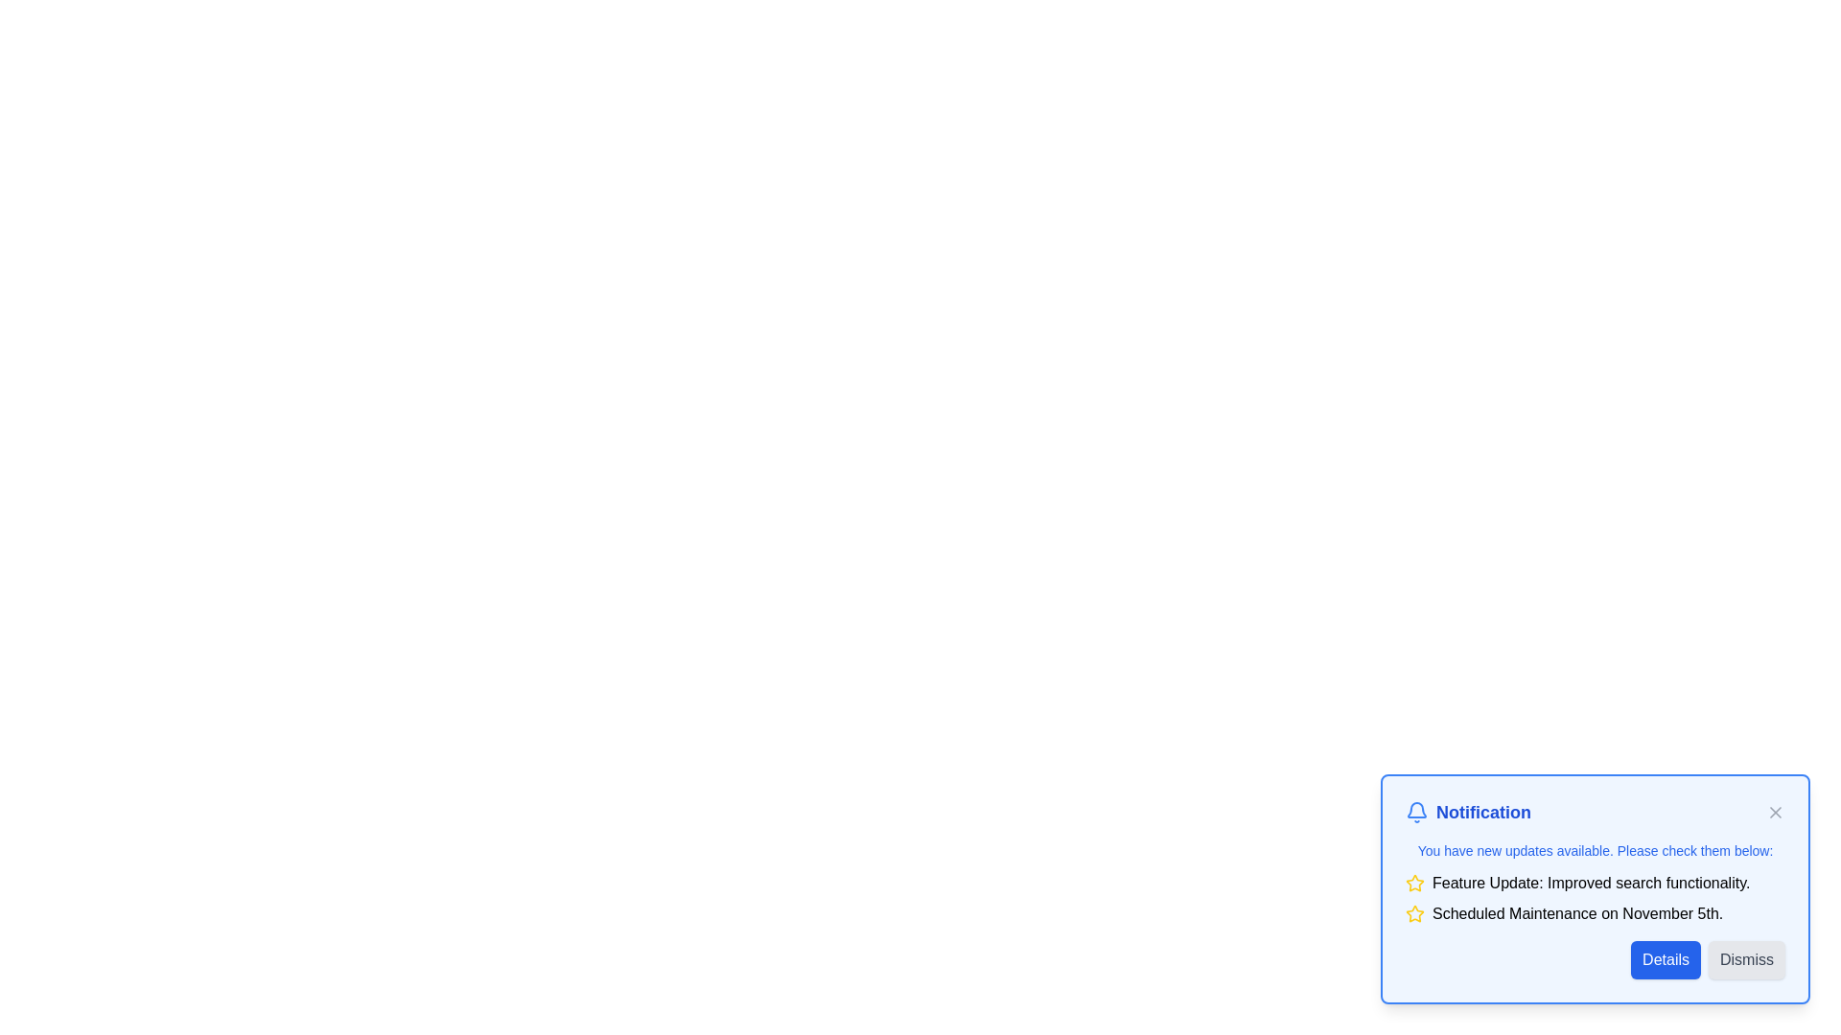 Image resolution: width=1841 pixels, height=1035 pixels. Describe the element at coordinates (1665, 960) in the screenshot. I see `'Details' button to view more information` at that location.